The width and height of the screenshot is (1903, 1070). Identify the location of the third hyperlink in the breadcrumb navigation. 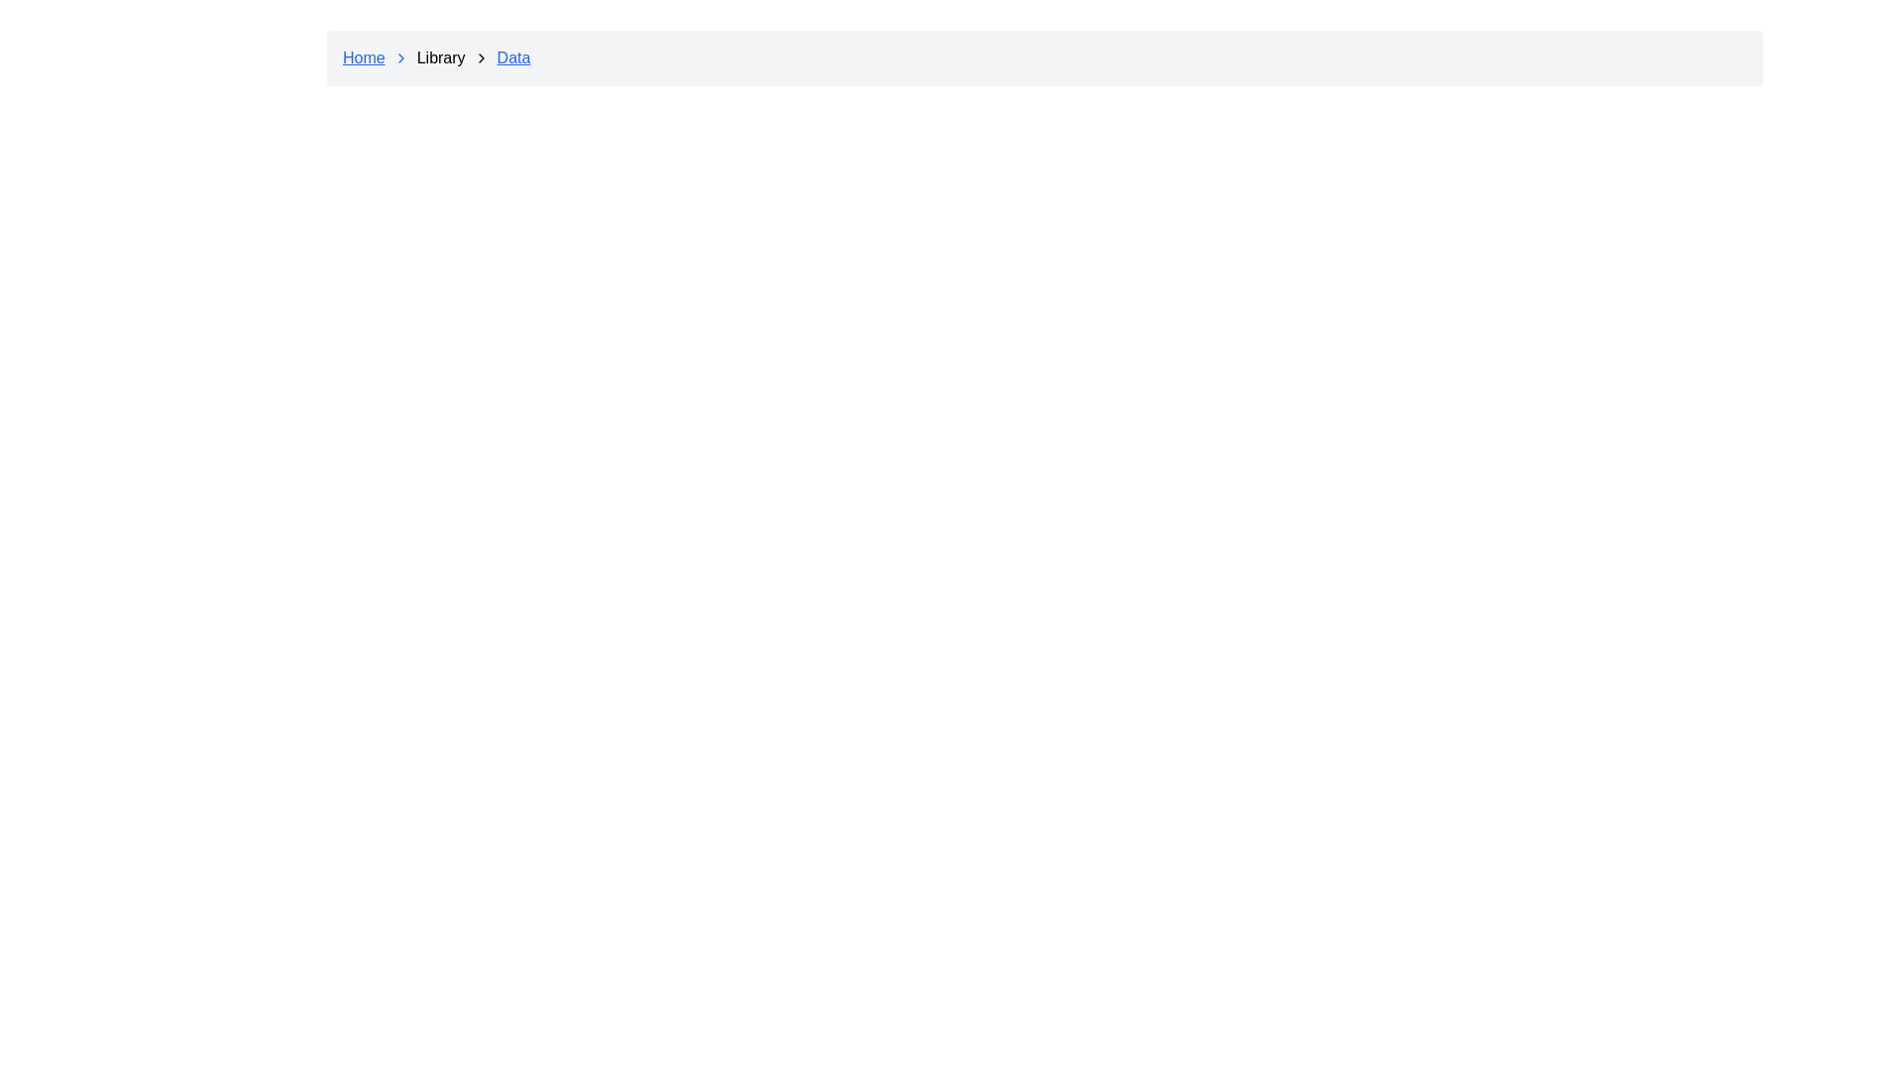
(513, 56).